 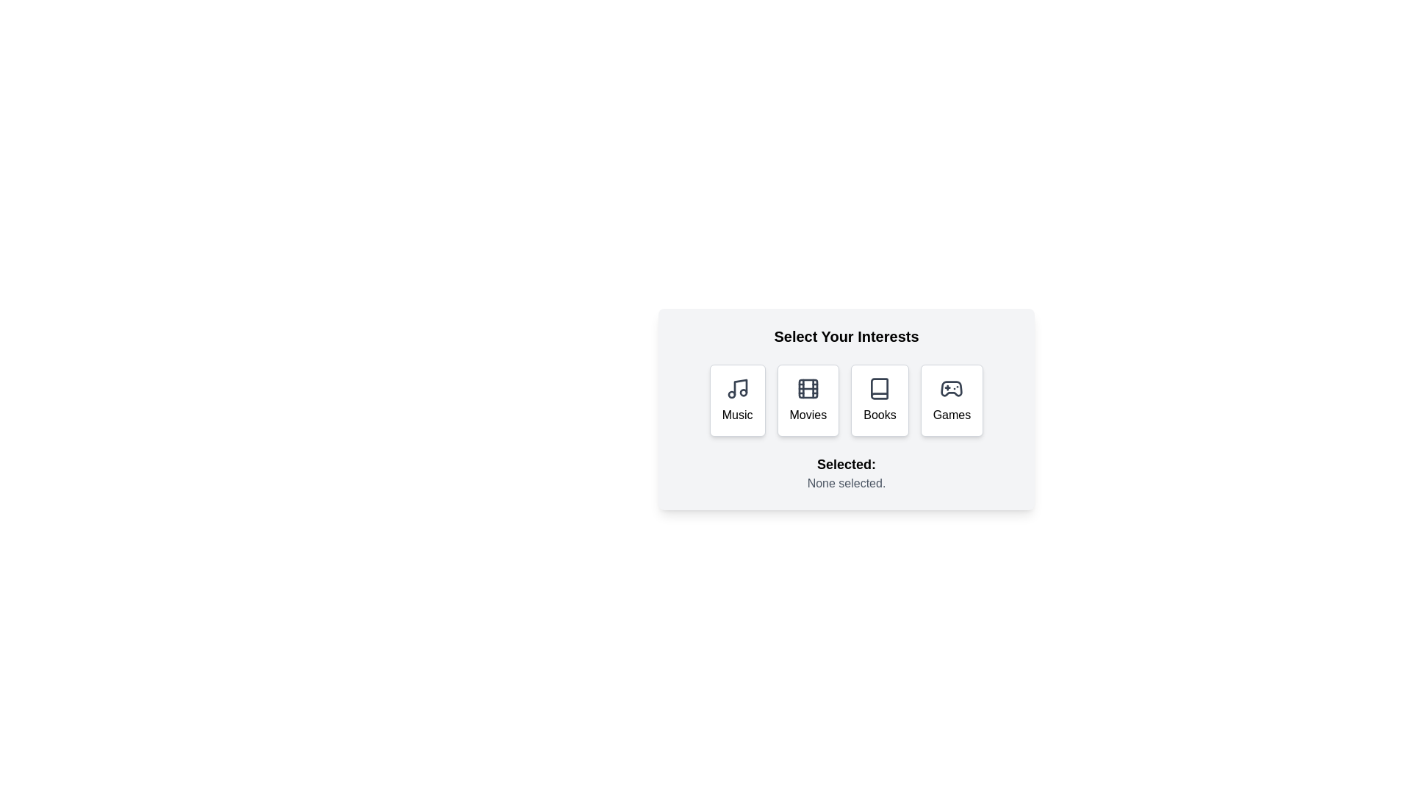 I want to click on the button labeled 'Books' to observe its visual feedback, so click(x=880, y=400).